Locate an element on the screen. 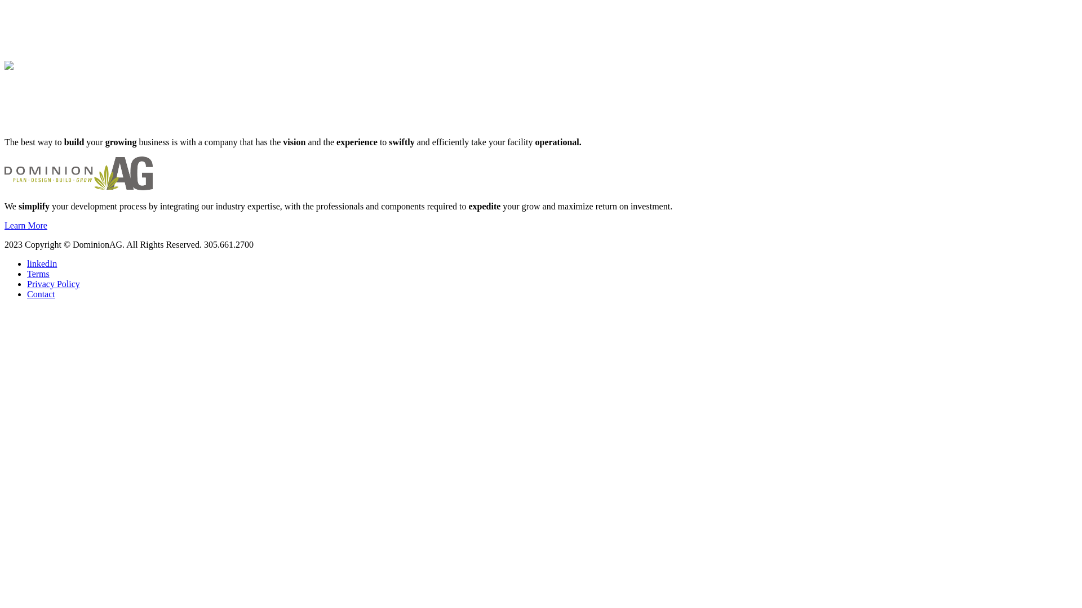 The width and height of the screenshot is (1082, 608). 'linkedIn' is located at coordinates (42, 263).